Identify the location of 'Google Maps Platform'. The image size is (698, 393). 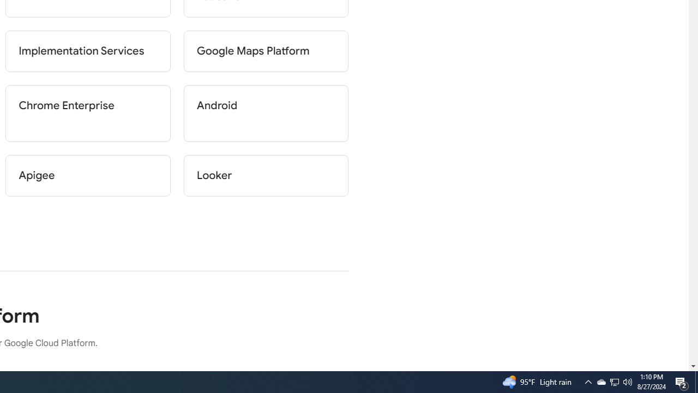
(266, 51).